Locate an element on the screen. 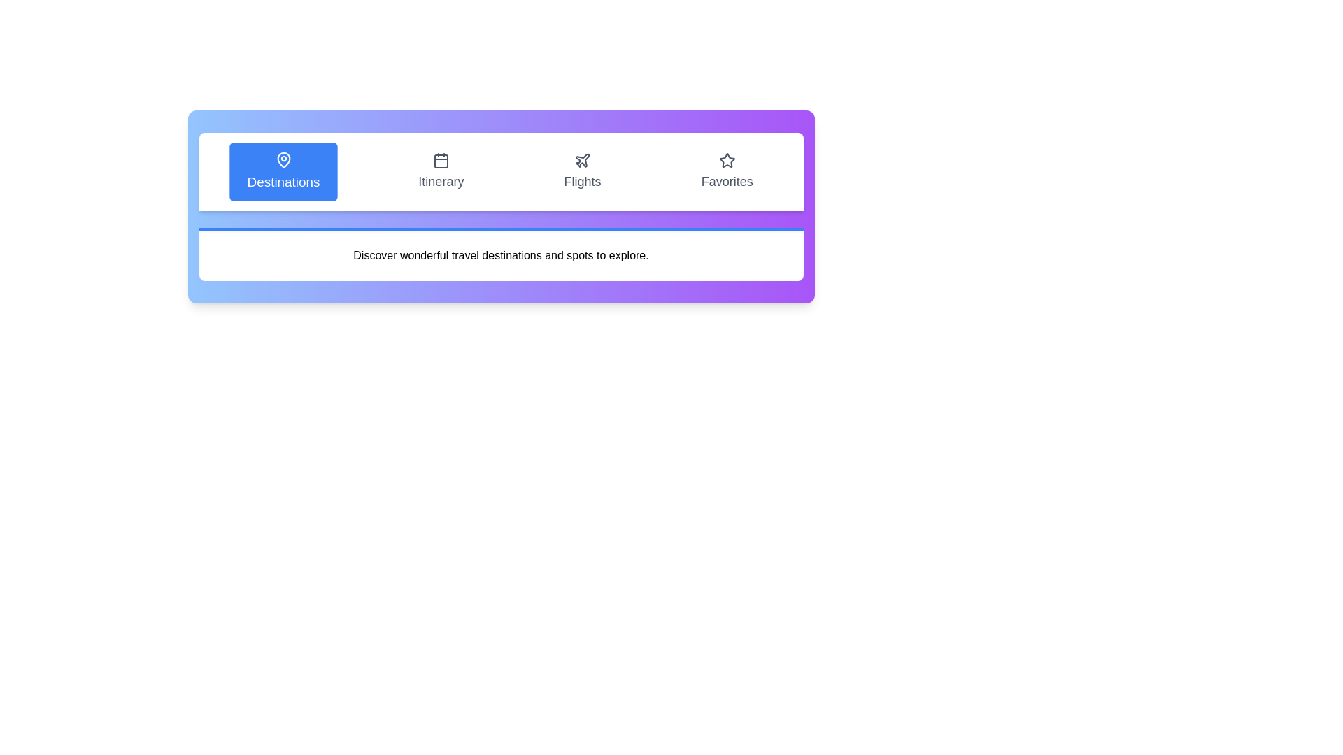  the tab labeled Favorites is located at coordinates (727, 171).